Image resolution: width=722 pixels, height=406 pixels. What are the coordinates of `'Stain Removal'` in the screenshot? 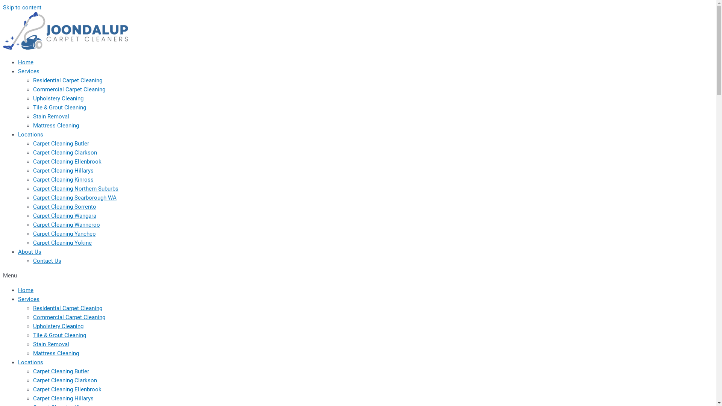 It's located at (50, 344).